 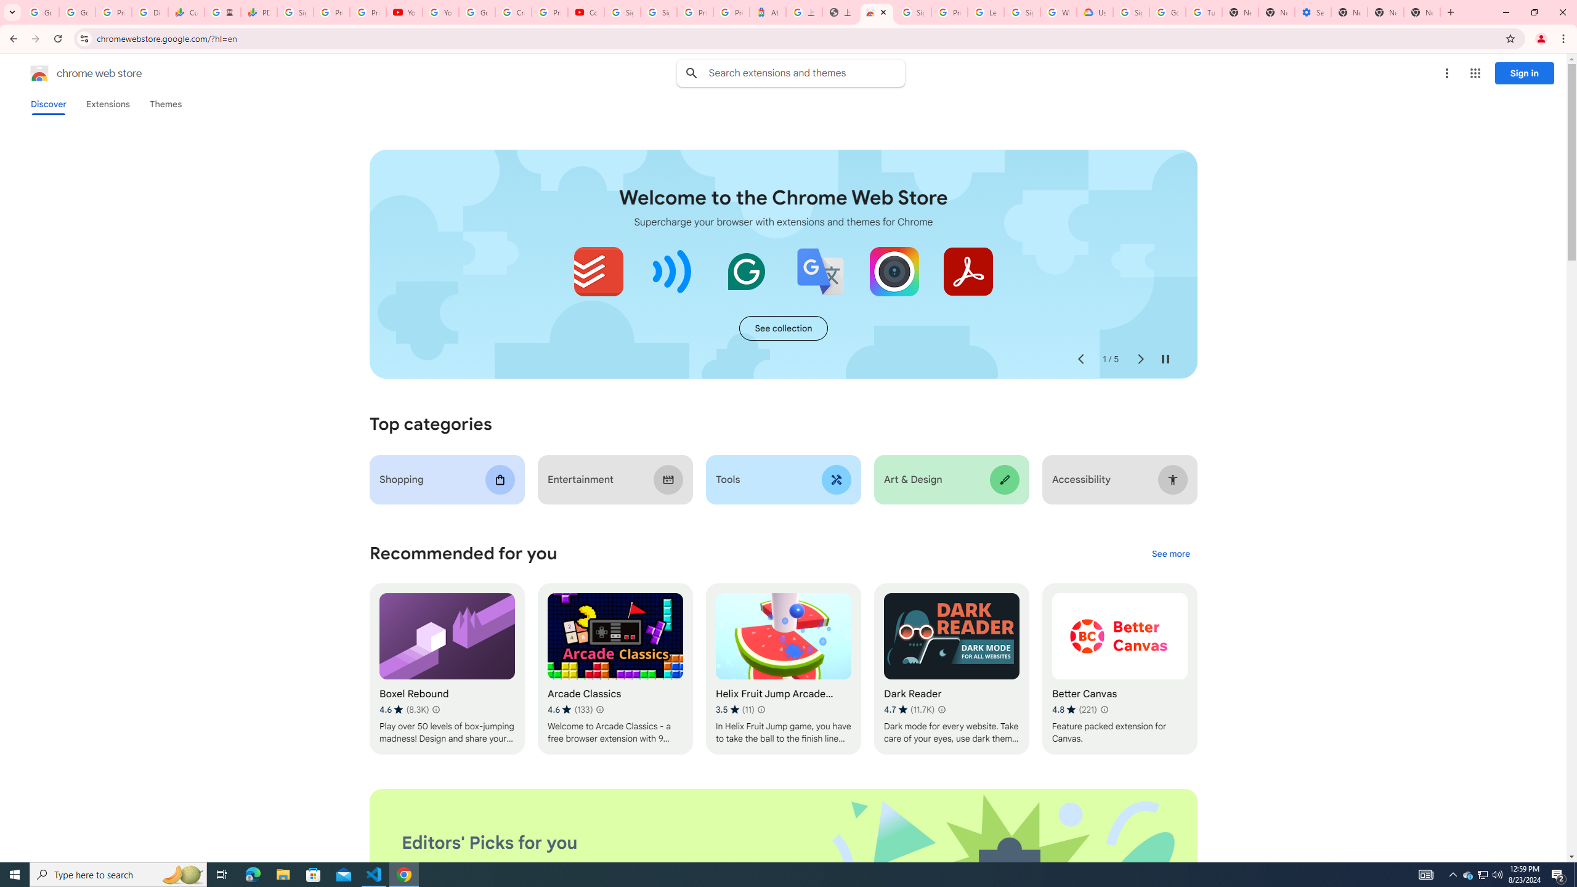 I want to click on 'Themes', so click(x=165, y=103).